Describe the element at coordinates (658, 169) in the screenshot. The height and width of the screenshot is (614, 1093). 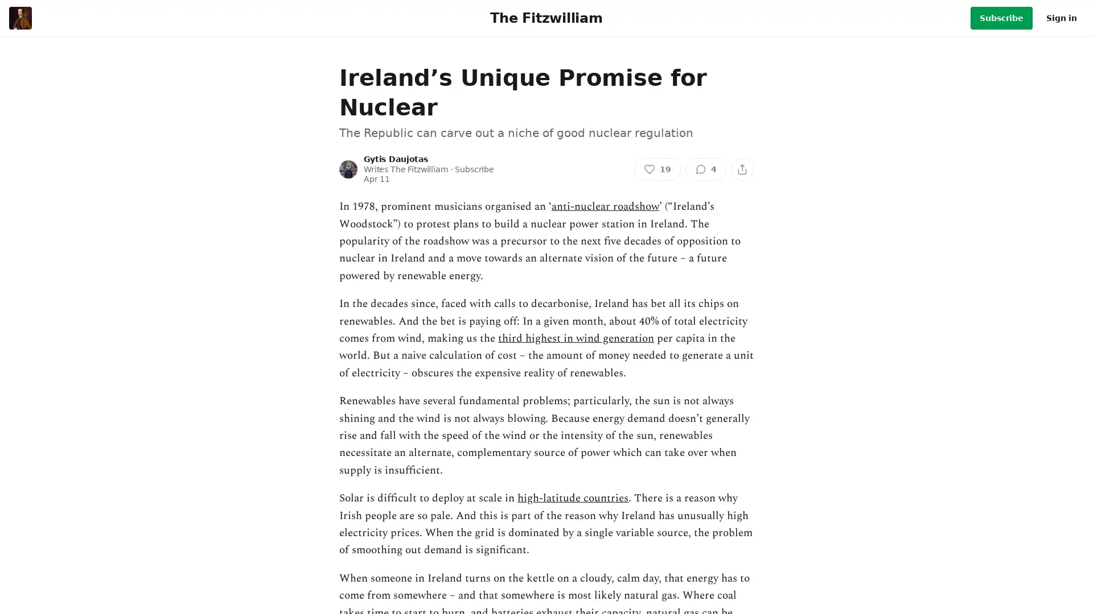
I see `19` at that location.